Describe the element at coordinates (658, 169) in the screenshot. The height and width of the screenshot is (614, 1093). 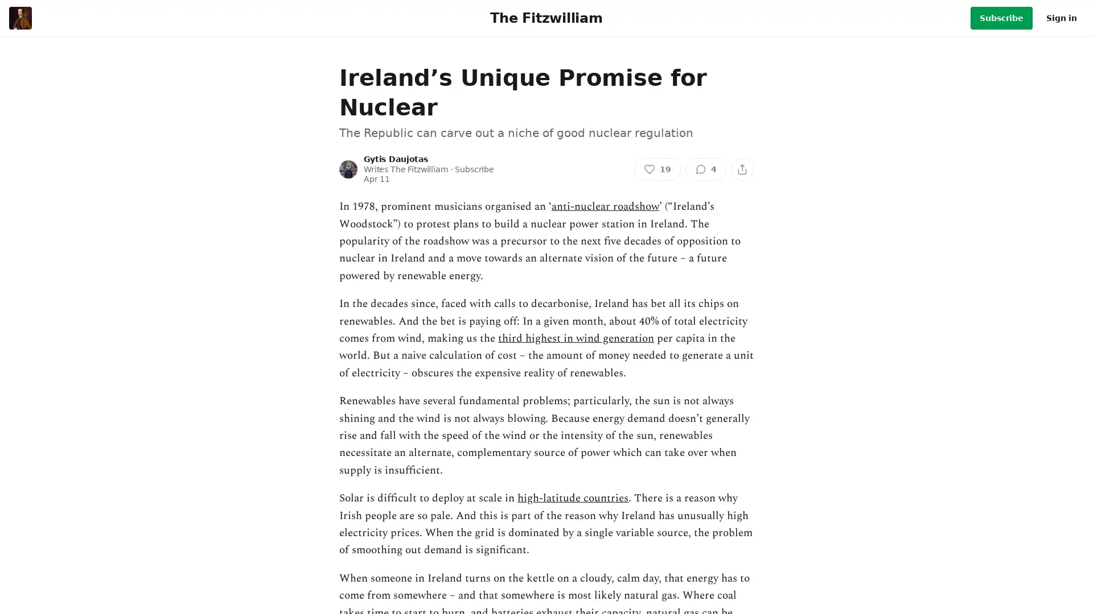
I see `19` at that location.